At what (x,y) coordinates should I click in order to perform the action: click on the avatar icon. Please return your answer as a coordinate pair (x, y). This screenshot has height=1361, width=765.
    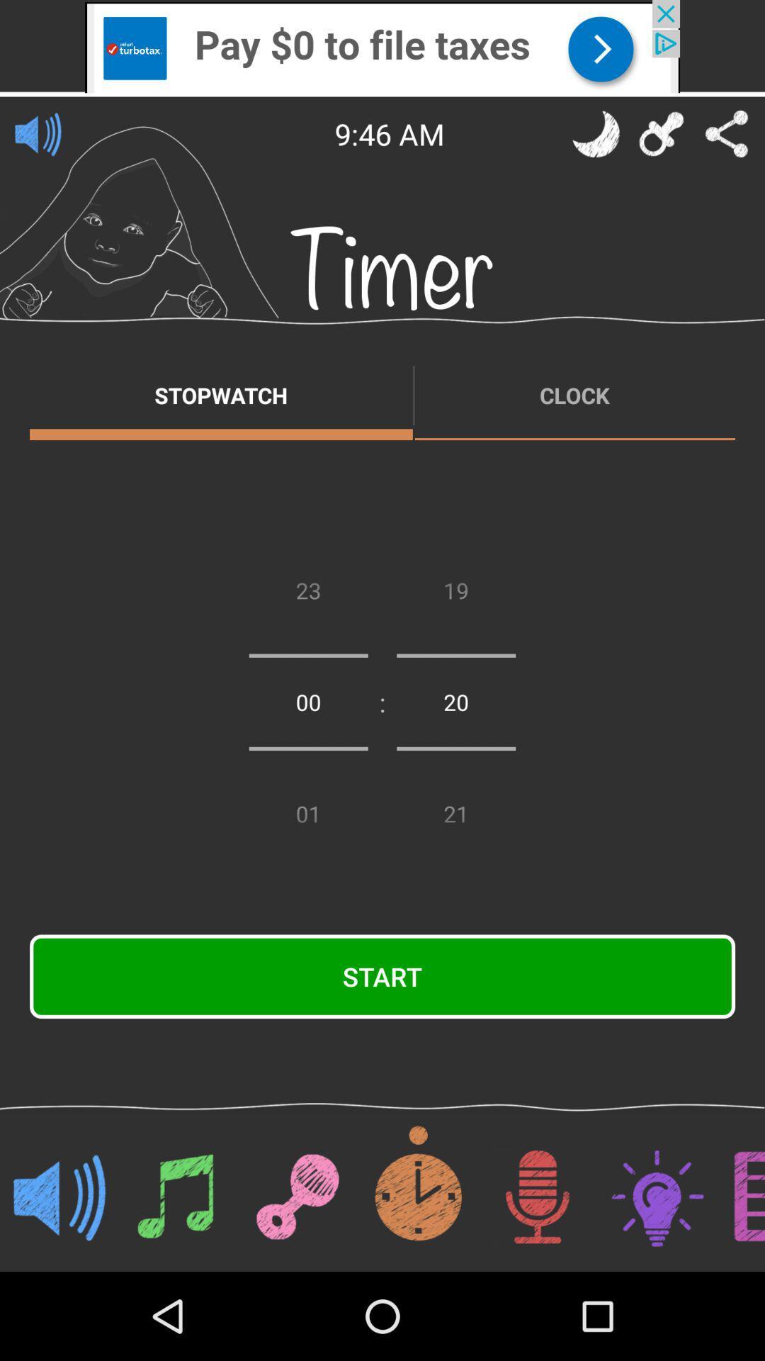
    Looking at the image, I should click on (596, 133).